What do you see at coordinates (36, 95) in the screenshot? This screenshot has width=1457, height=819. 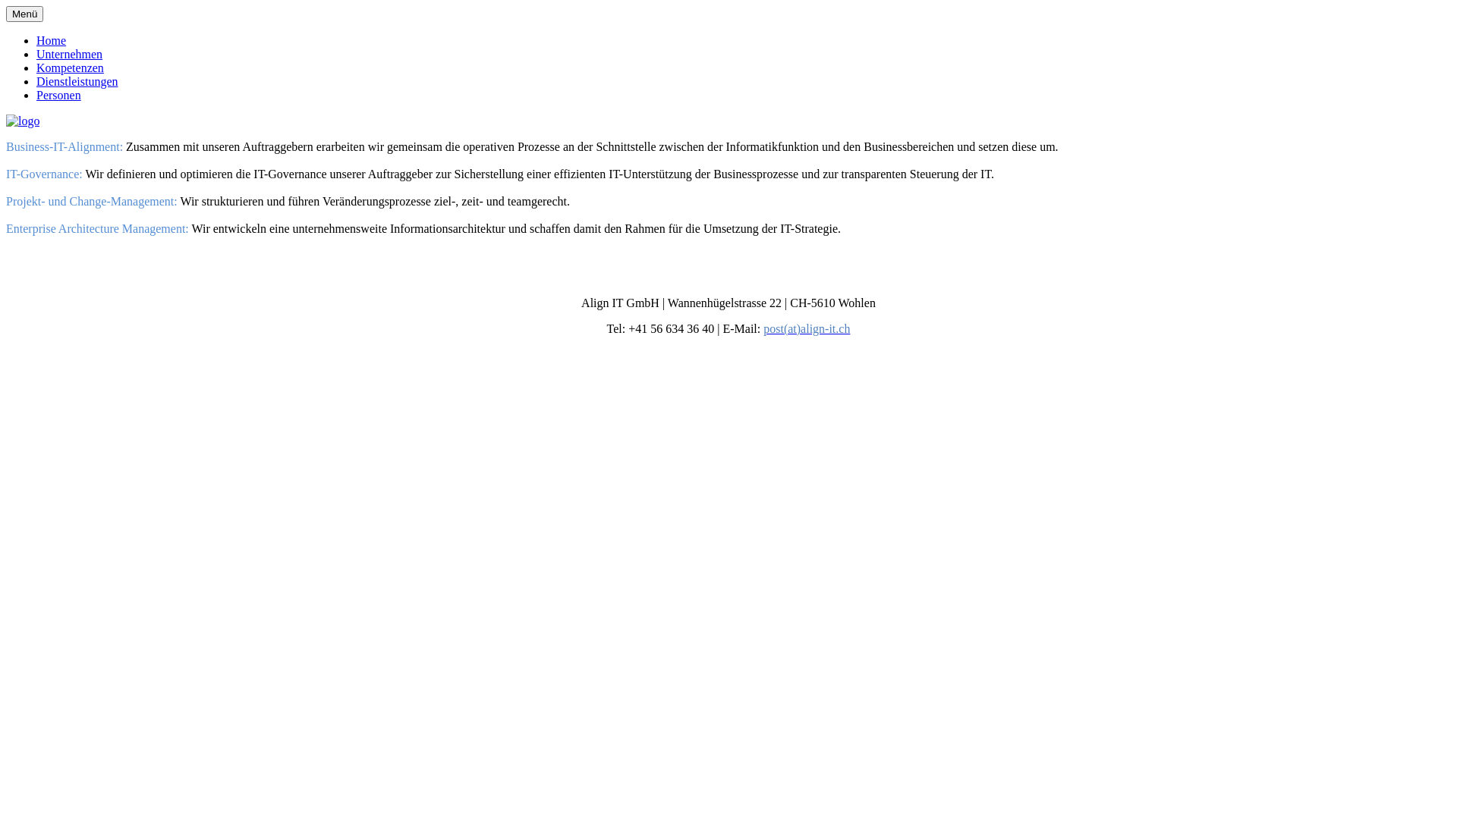 I see `'Personen'` at bounding box center [36, 95].